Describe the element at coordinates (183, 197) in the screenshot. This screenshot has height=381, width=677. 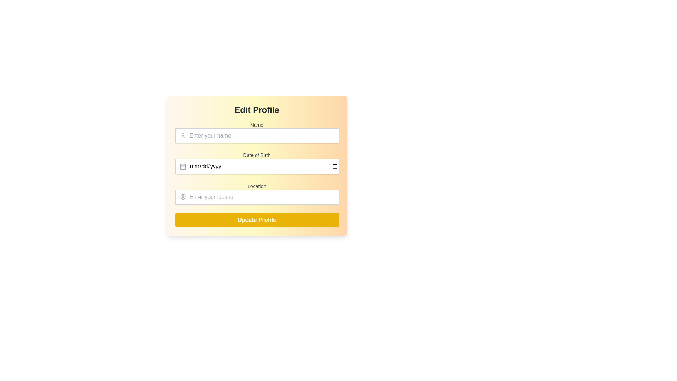
I see `the location icon positioned on the left side of the 'Location' input field in the 'Edit Profile' interface` at that location.